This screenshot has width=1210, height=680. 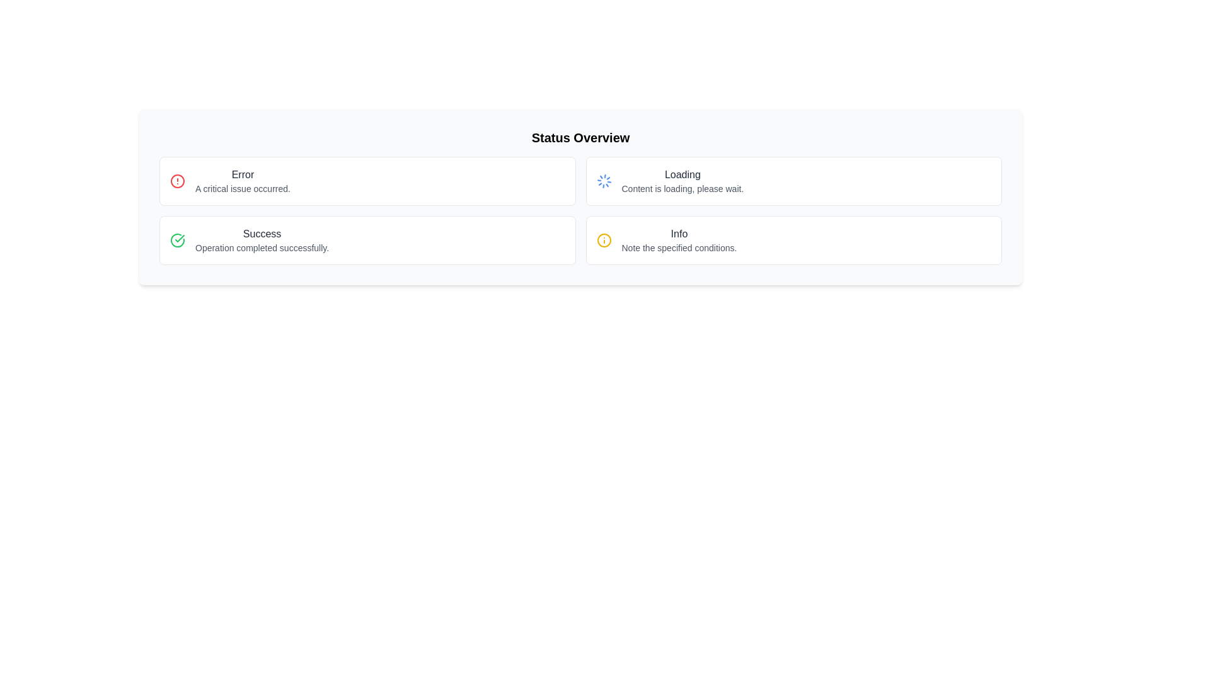 I want to click on the static text label providing confirmation related to a successful operation located under the 'Success' section in the 'Status Overview' heading, so click(x=262, y=247).